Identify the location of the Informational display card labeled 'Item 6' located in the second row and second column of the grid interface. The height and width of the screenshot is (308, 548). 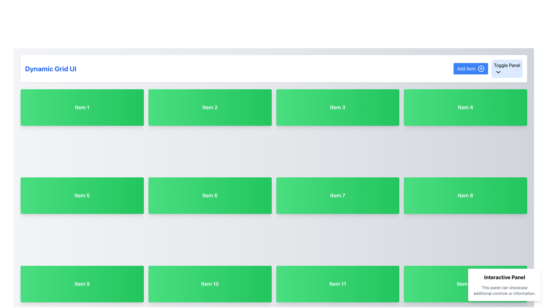
(209, 195).